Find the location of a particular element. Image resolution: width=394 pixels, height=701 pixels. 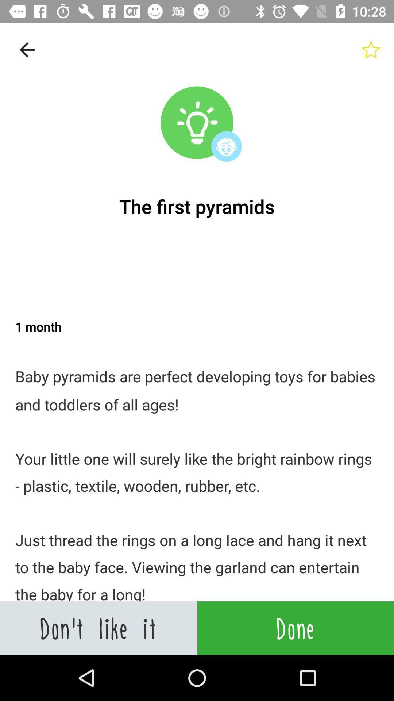

the don t like item is located at coordinates (98, 628).